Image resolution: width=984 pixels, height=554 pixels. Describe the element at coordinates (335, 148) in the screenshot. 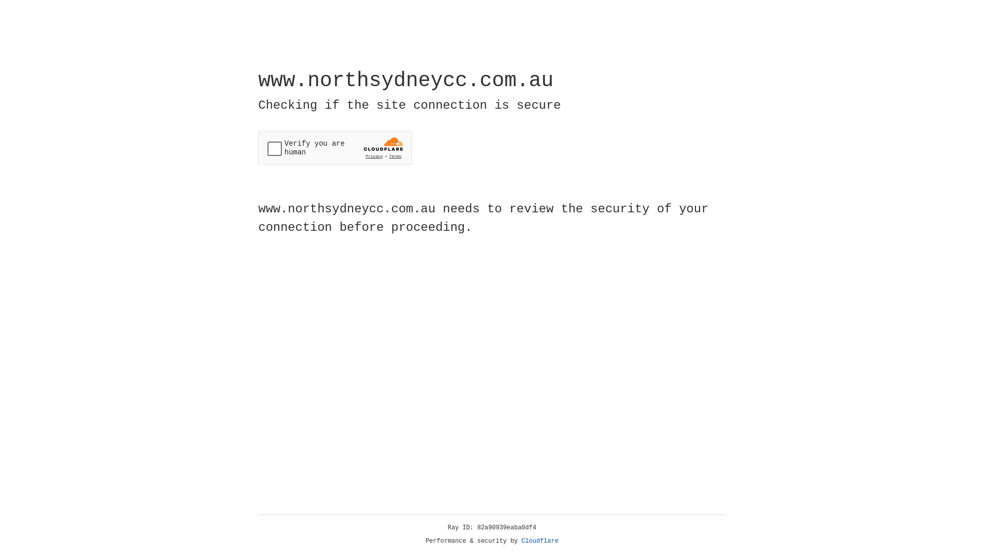

I see `'Widget containing a Cloudflare security challenge'` at that location.